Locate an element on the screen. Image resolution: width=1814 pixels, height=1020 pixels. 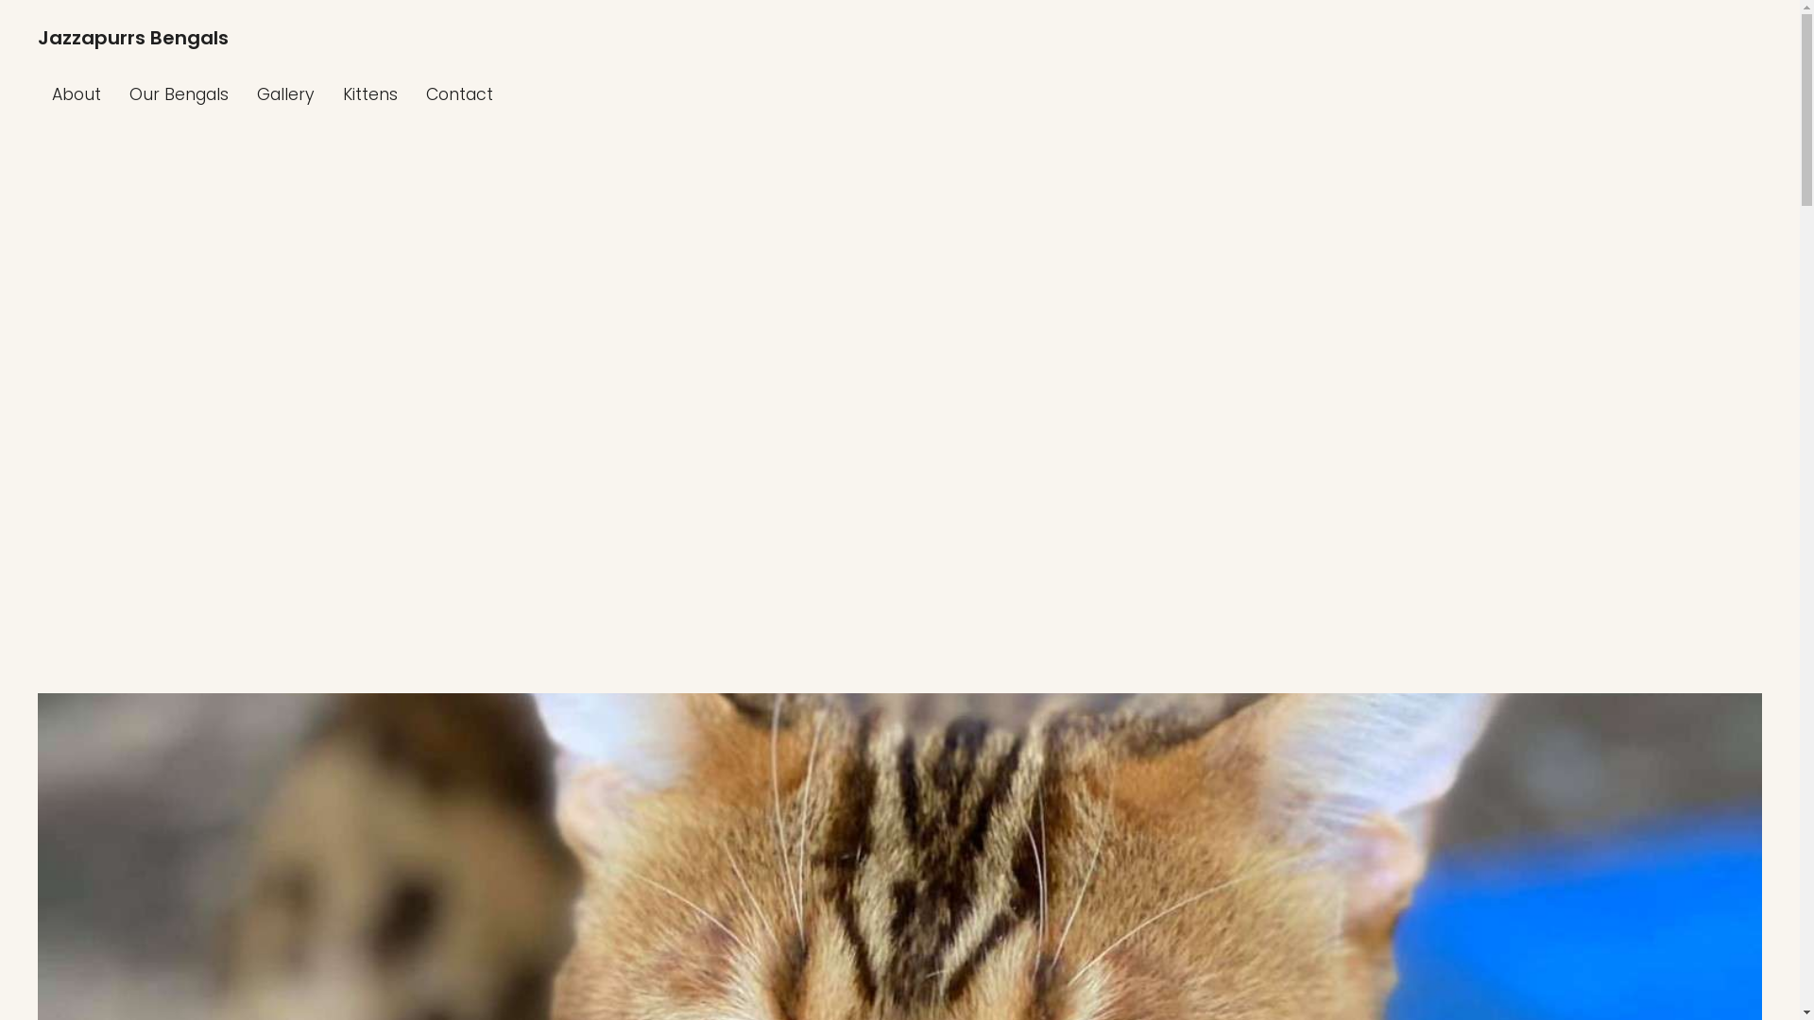
'Gallery' is located at coordinates (284, 94).